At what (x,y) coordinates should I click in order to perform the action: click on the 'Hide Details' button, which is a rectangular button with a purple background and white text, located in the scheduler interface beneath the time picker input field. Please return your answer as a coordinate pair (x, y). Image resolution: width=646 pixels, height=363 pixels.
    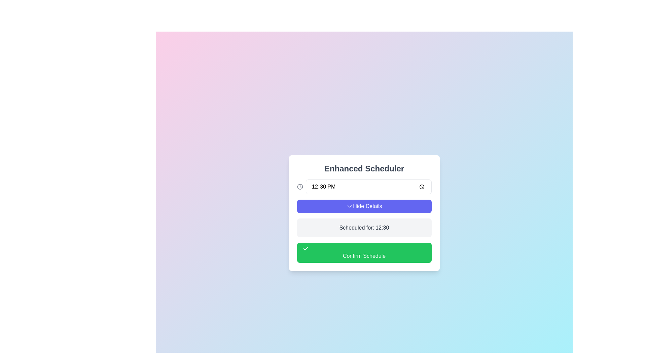
    Looking at the image, I should click on (364, 213).